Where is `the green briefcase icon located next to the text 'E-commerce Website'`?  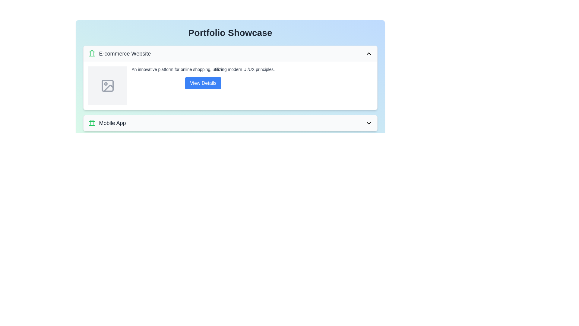
the green briefcase icon located next to the text 'E-commerce Website' is located at coordinates (91, 53).